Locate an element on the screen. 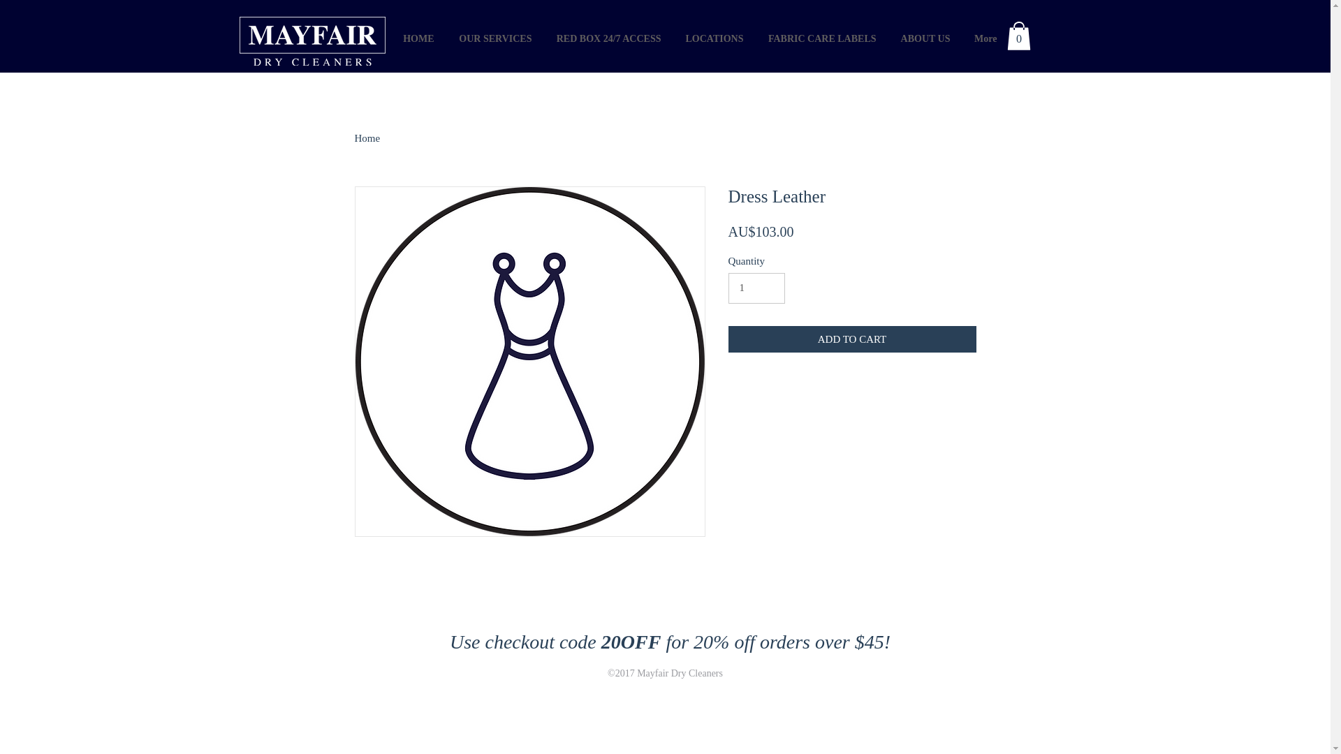 The image size is (1341, 754). '0' is located at coordinates (1019, 35).